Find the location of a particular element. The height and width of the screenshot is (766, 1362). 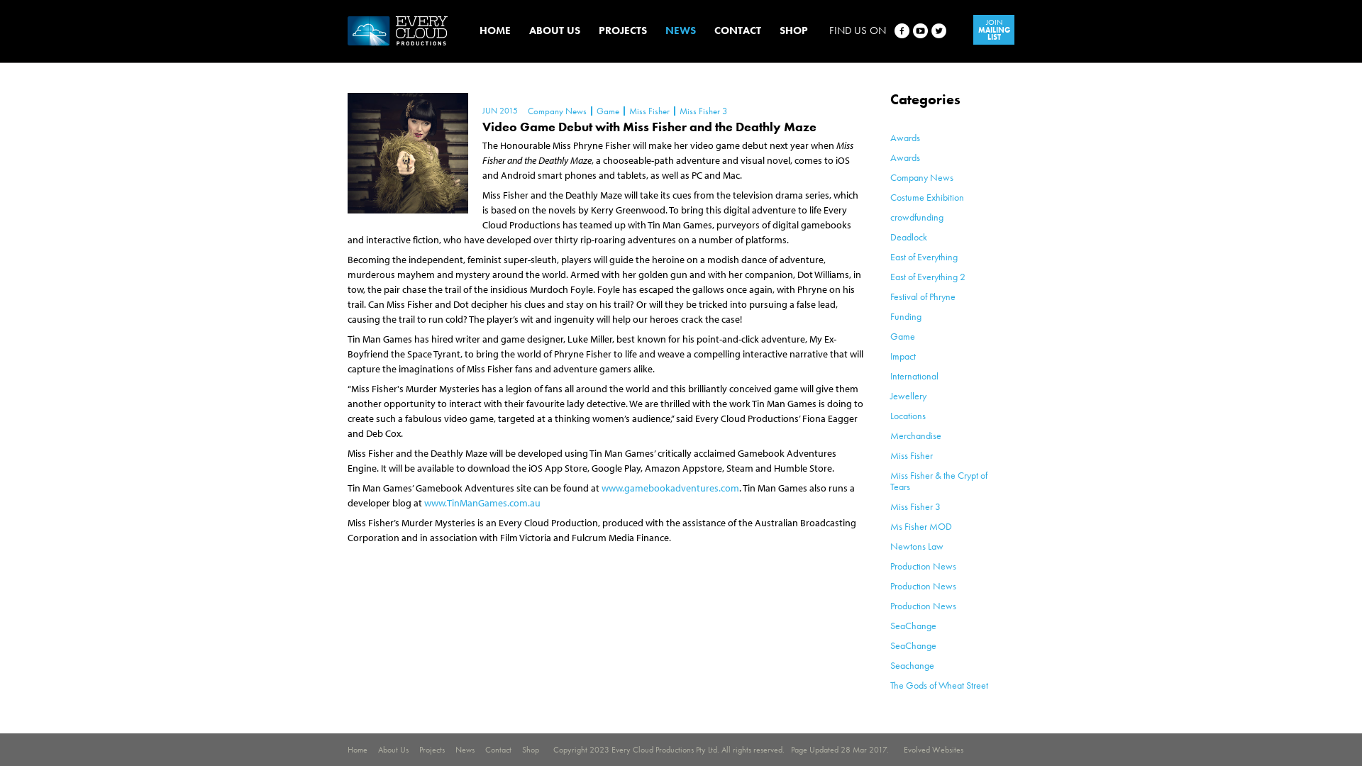

'SHOP' is located at coordinates (792, 30).